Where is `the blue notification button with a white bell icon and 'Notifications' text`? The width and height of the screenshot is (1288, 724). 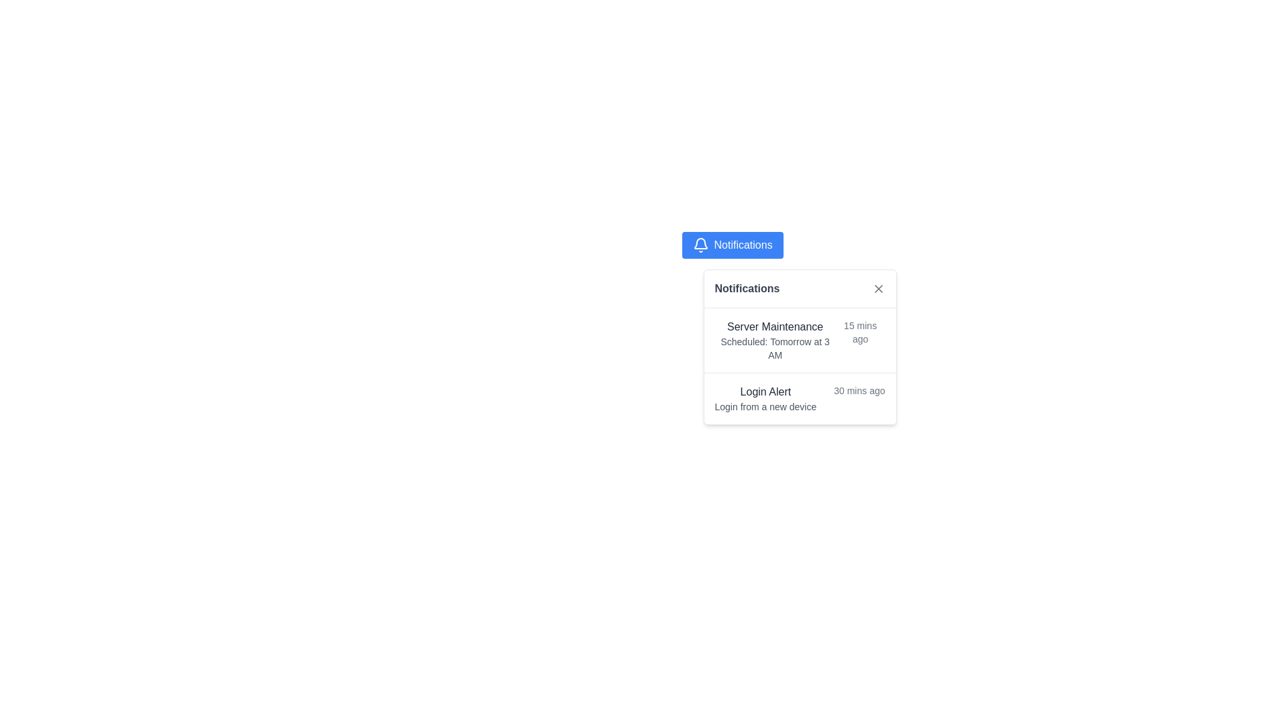
the blue notification button with a white bell icon and 'Notifications' text is located at coordinates (732, 245).